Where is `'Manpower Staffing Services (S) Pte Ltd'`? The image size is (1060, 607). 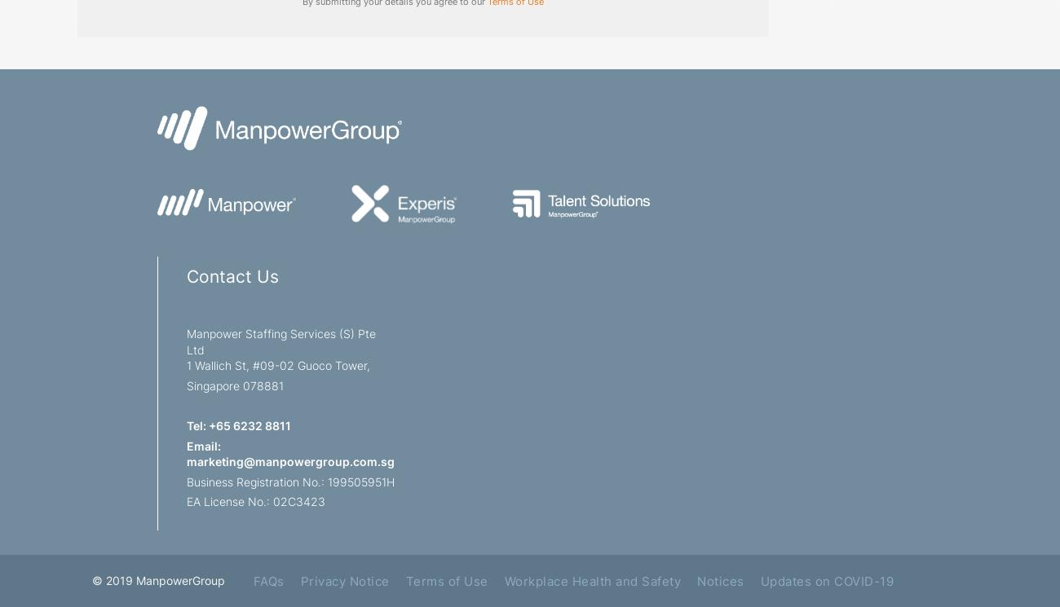
'Manpower Staffing Services (S) Pte Ltd' is located at coordinates (280, 341).